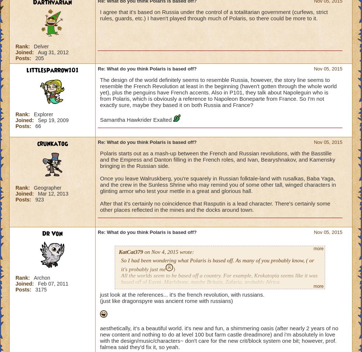 Image resolution: width=362 pixels, height=352 pixels. I want to click on 'Explorer', so click(43, 114).